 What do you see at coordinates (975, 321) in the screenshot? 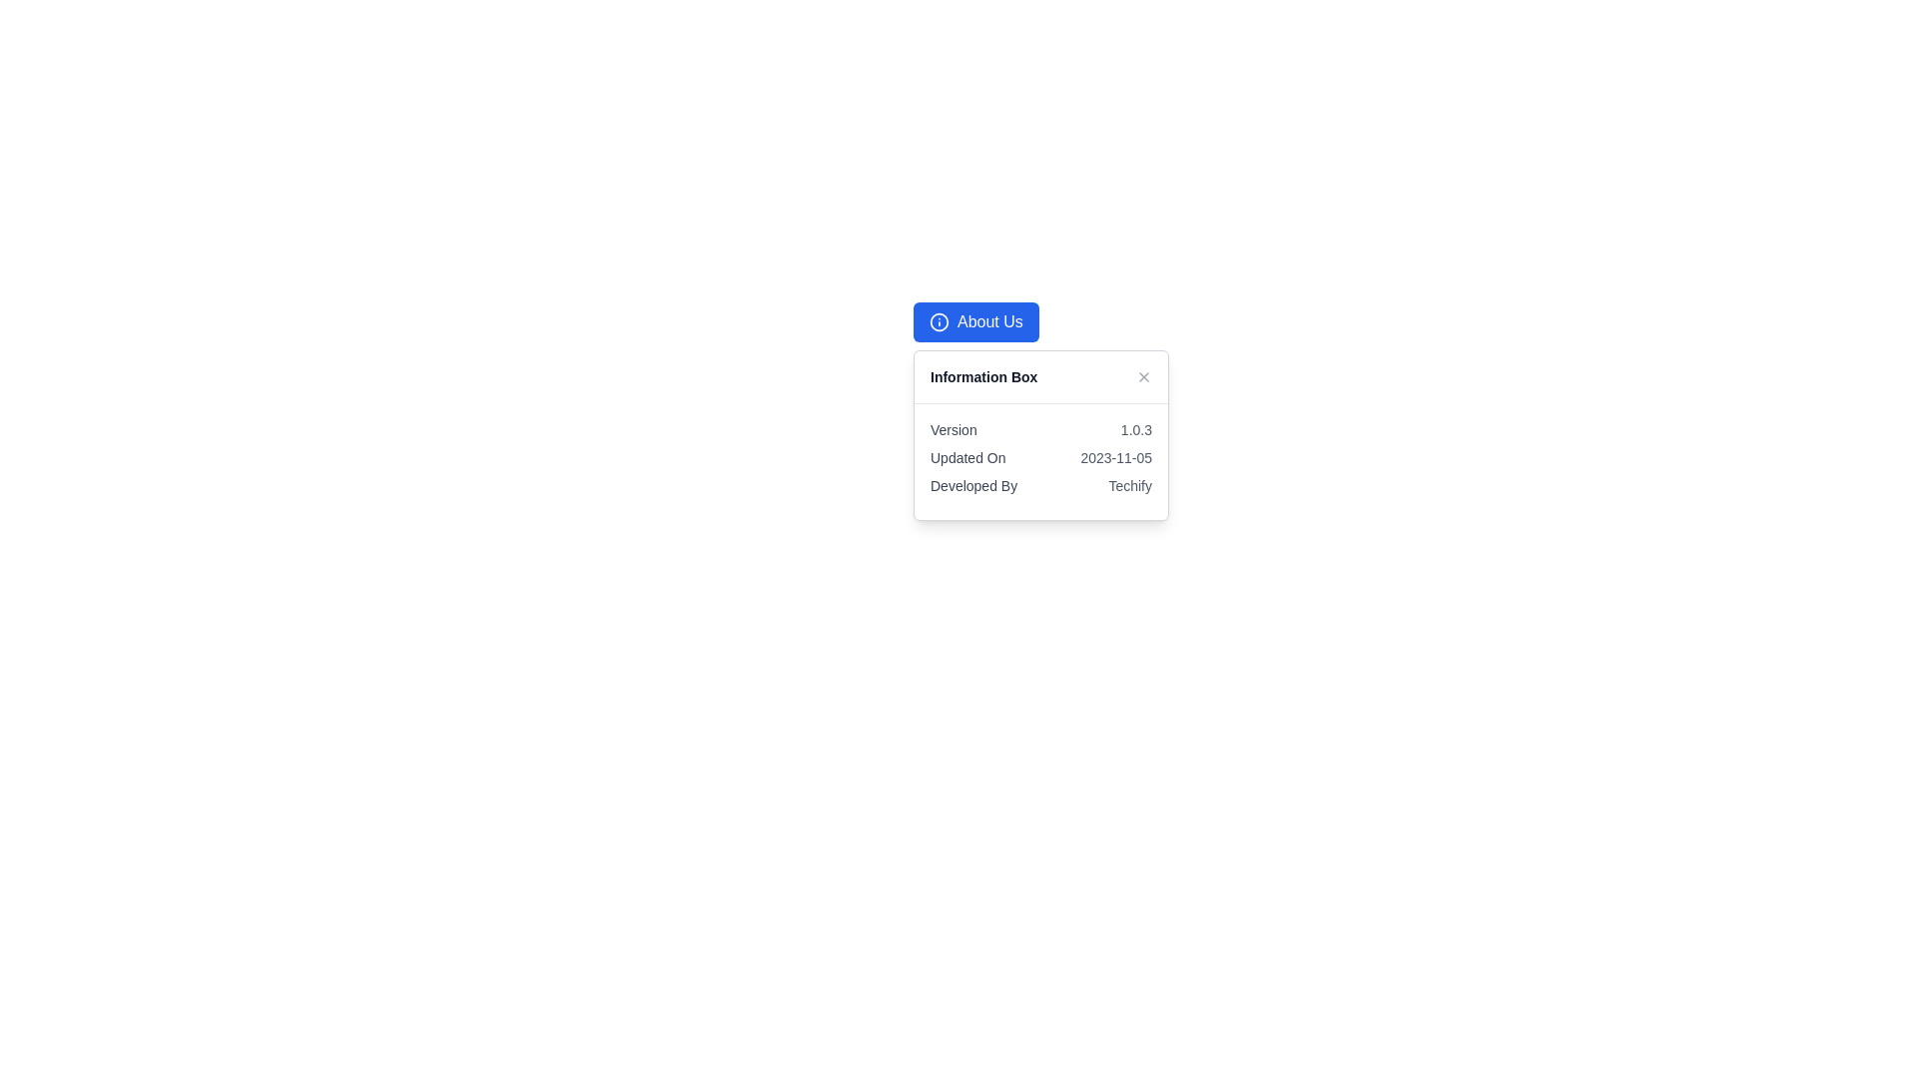
I see `the 'About Us' button, which has a blue background and white text with an 'i' icon, located above a white information panel` at bounding box center [975, 321].